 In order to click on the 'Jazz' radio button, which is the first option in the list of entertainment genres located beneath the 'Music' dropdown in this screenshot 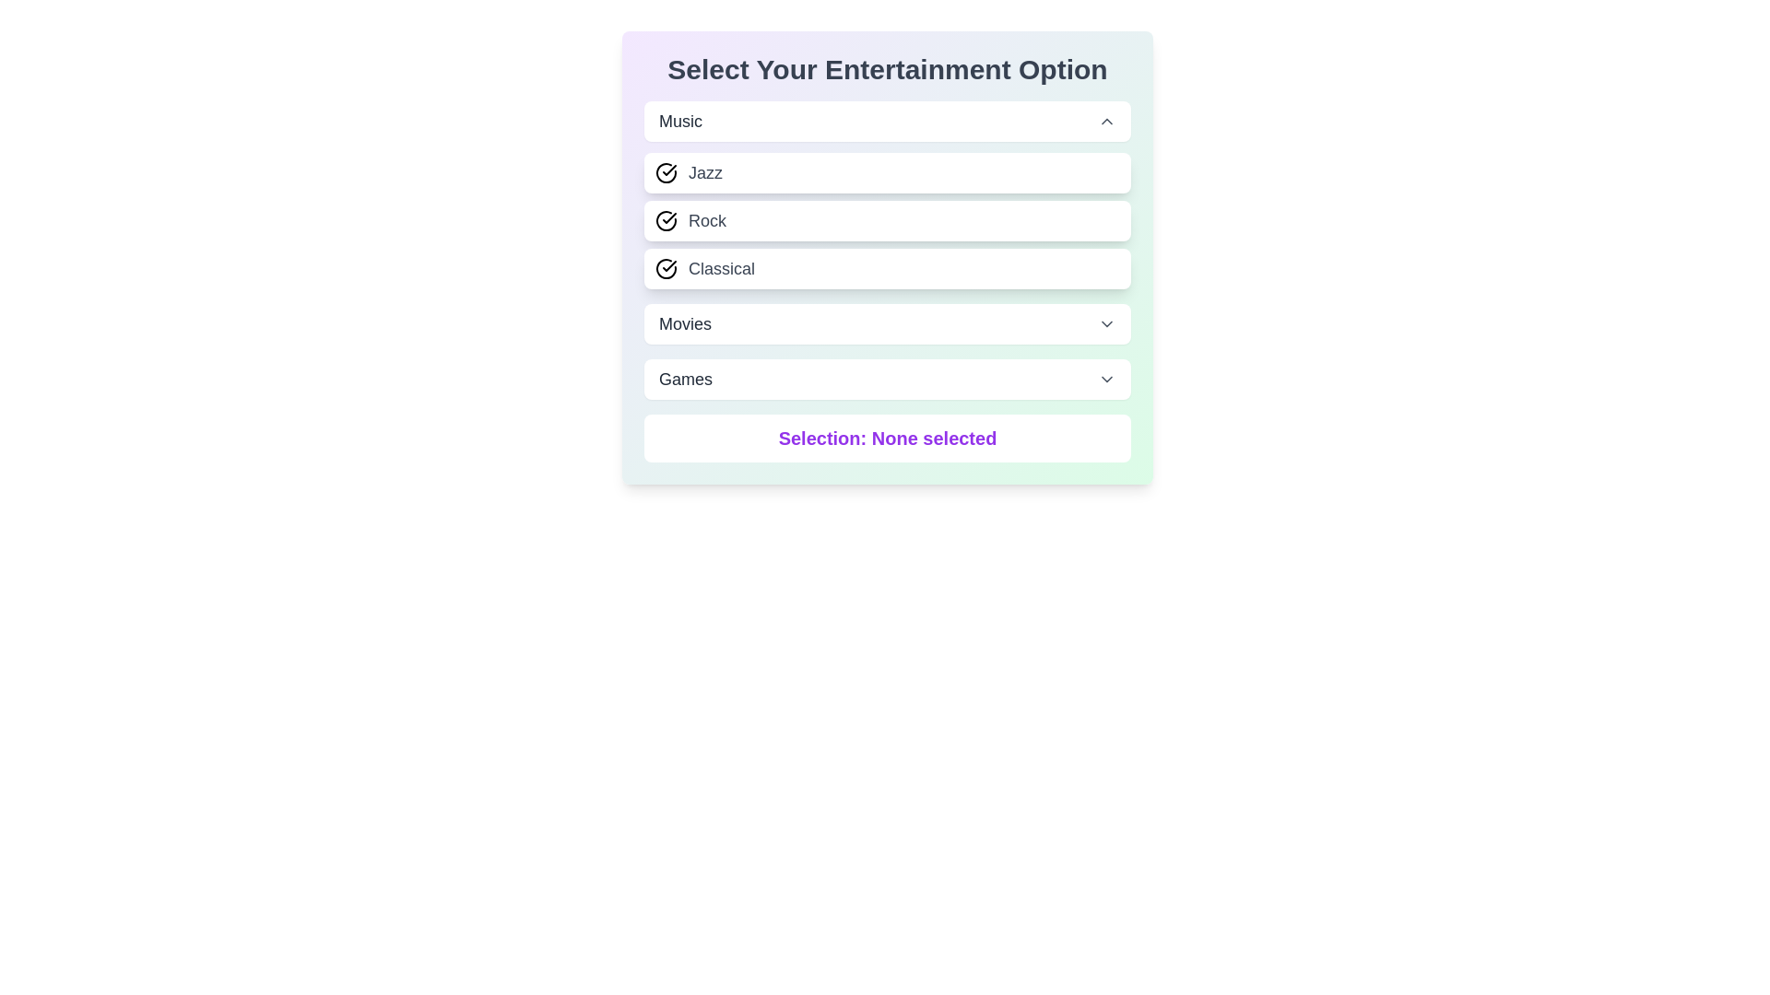, I will do `click(888, 173)`.